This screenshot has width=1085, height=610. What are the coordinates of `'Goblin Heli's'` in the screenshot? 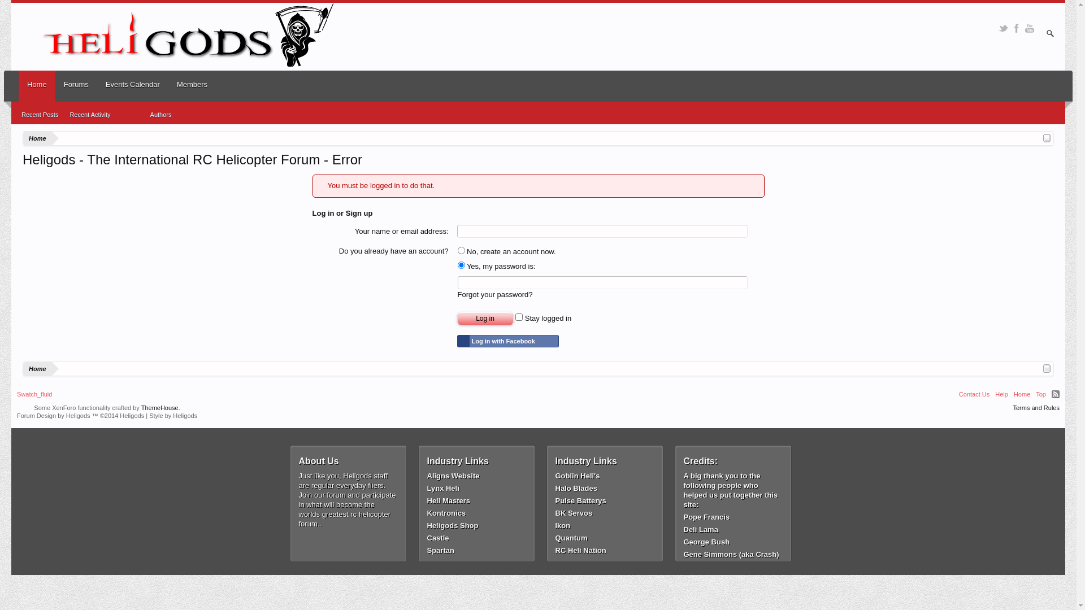 It's located at (604, 476).